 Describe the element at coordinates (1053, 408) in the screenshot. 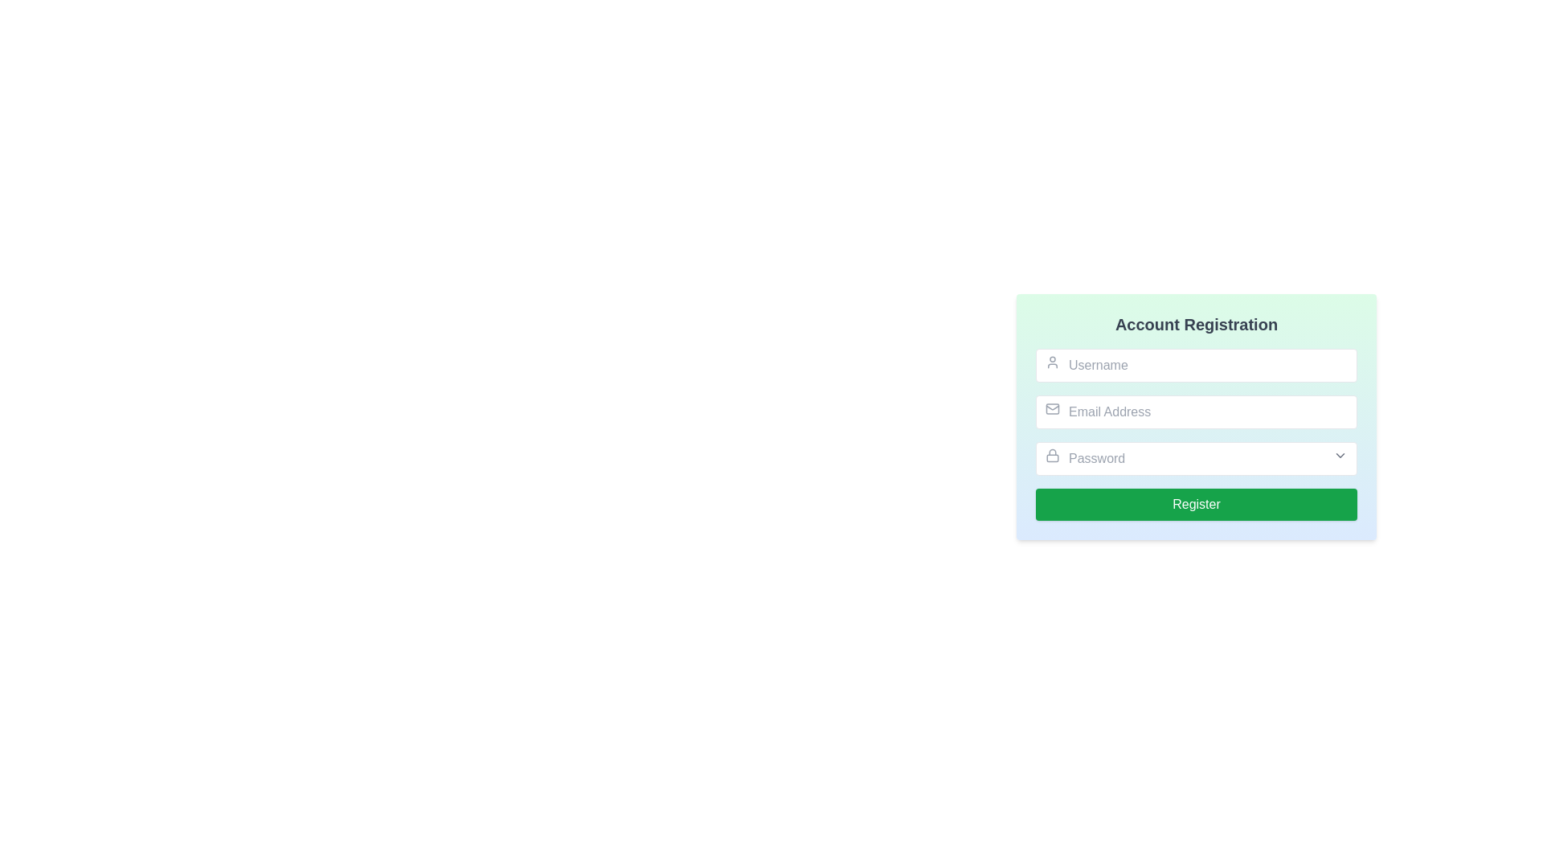

I see `the rectangular SVG shape that represents the body of the envelope icon located to the left of the 'Email Address' input field` at that location.